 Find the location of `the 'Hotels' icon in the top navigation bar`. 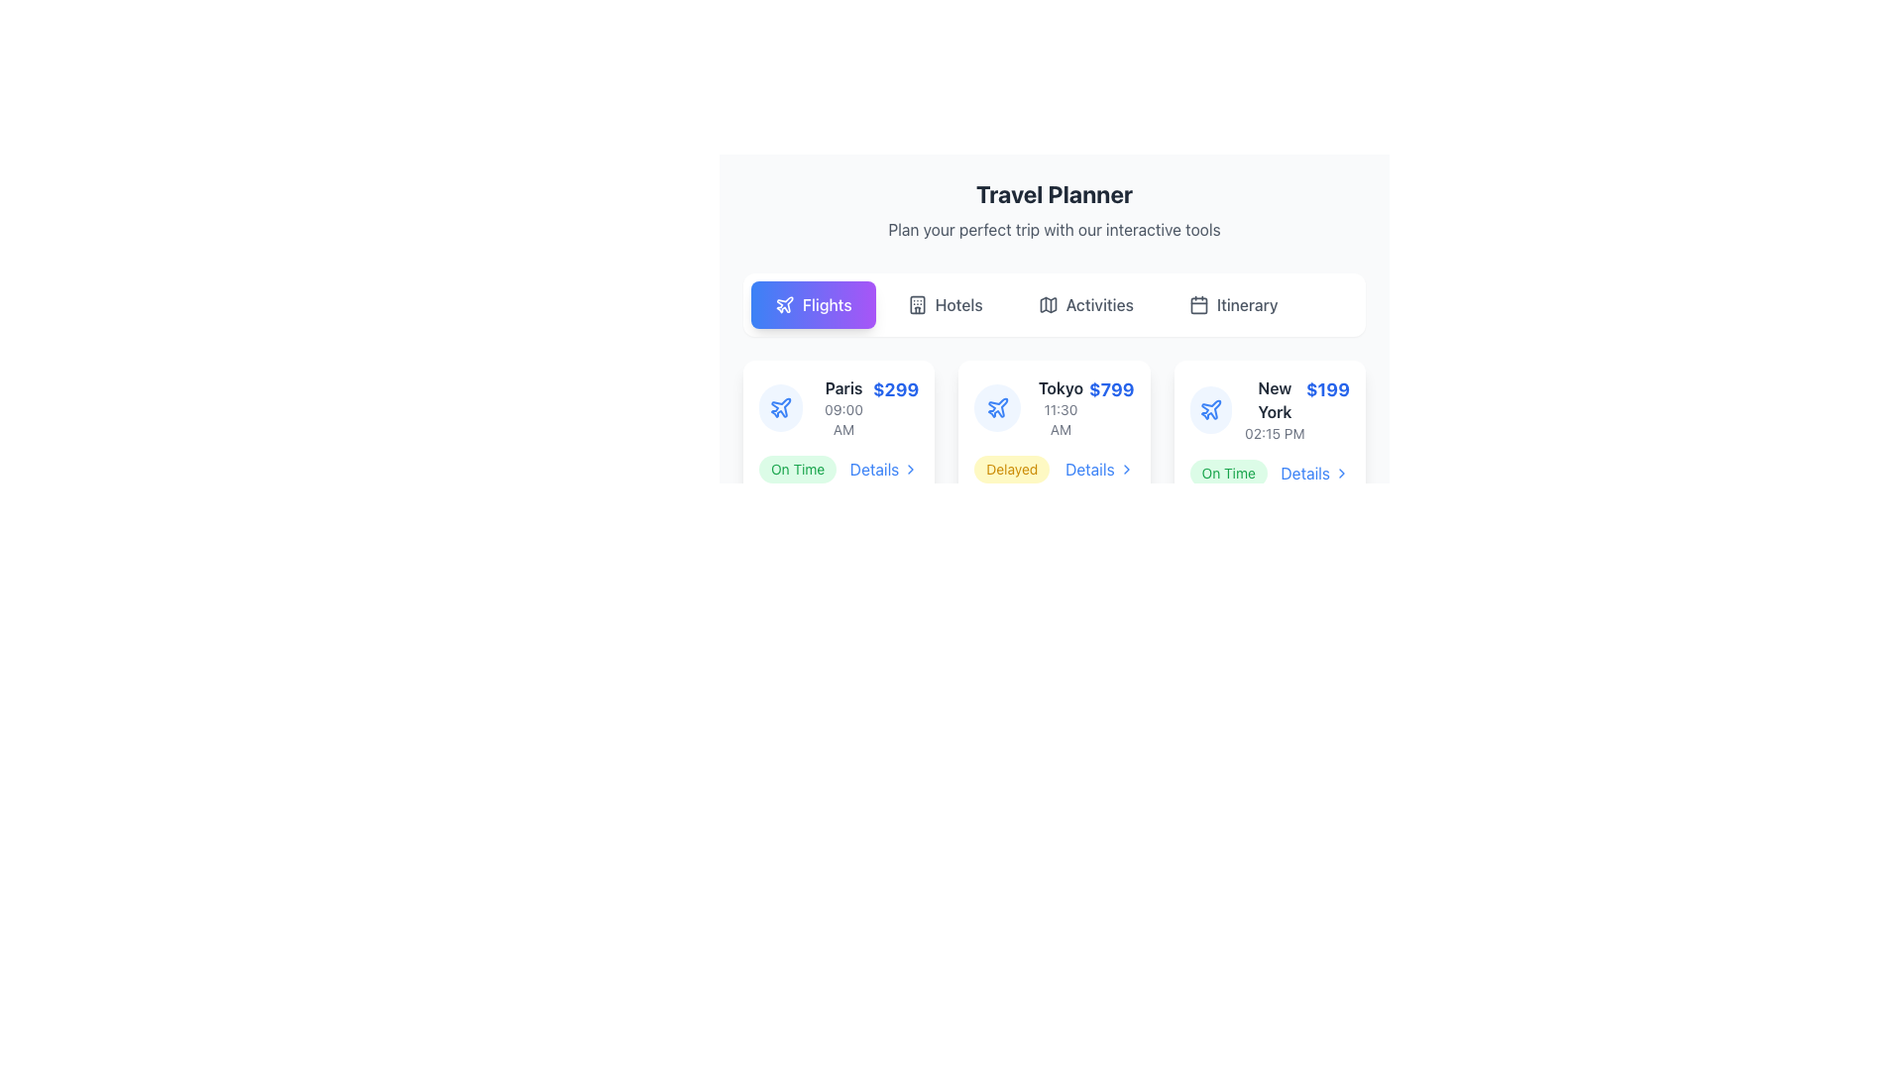

the 'Hotels' icon in the top navigation bar is located at coordinates (916, 305).